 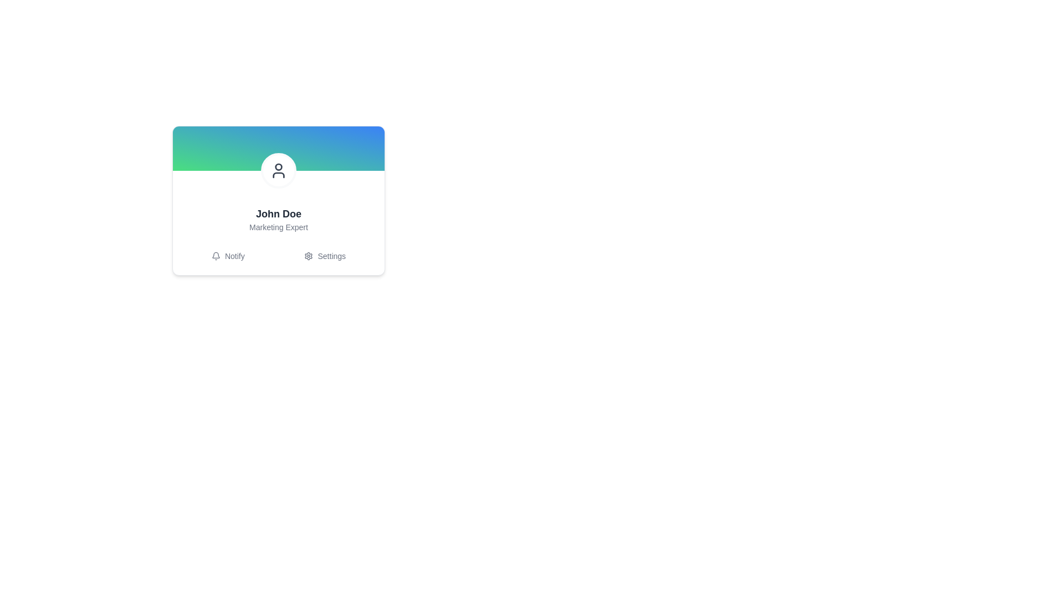 What do you see at coordinates (309, 256) in the screenshot?
I see `the gear-shaped icon button located in the bottom-right corner of the card layout` at bounding box center [309, 256].